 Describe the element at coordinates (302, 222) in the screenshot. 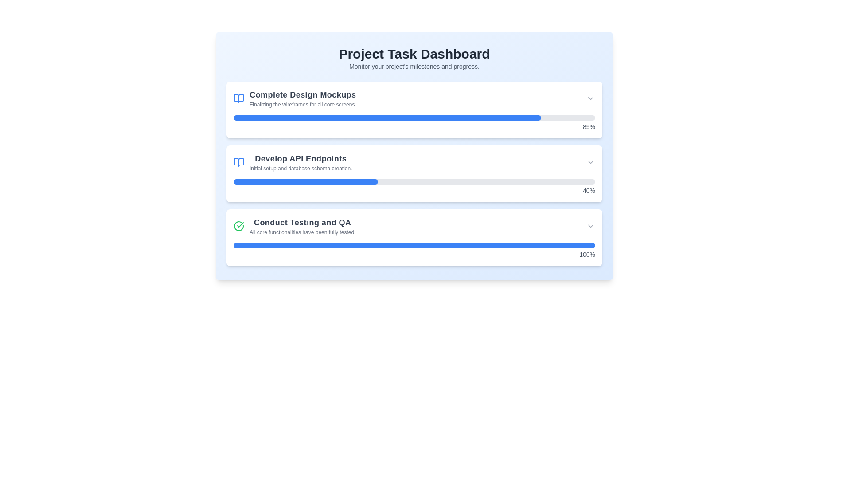

I see `the Text Label displaying 'Conduct Testing and QA', which is prominently positioned as a heading in bold gray font above the text 'All core functionalities have been fully tested'` at that location.